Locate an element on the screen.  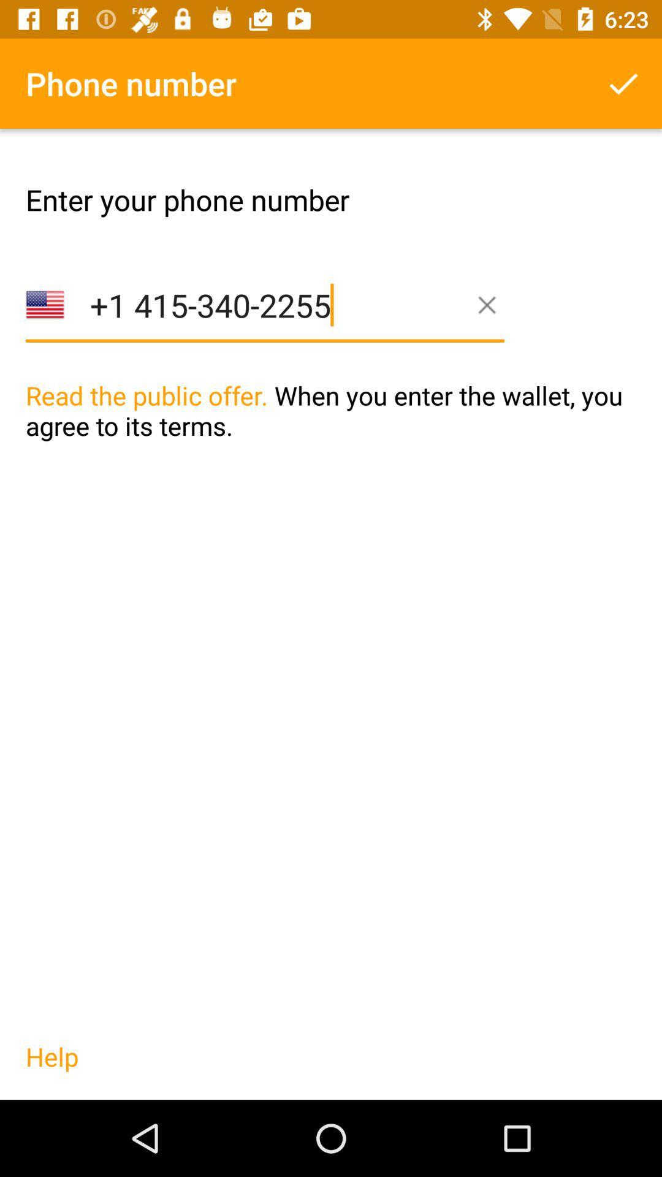
phone number is located at coordinates (623, 83).